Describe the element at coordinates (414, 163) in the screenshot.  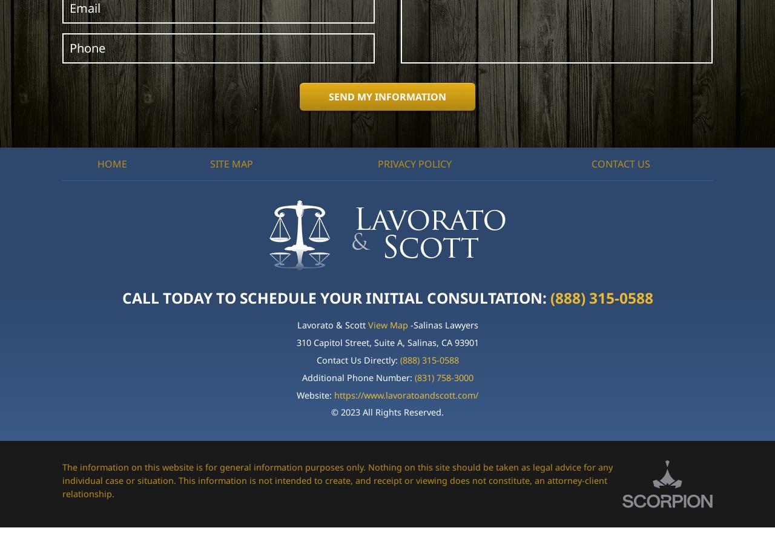
I see `'Privacy Policy'` at that location.